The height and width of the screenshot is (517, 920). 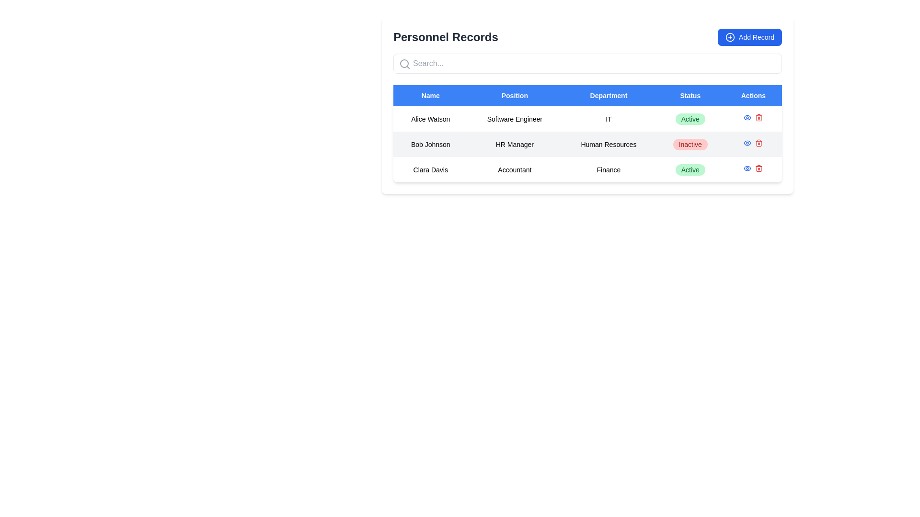 I want to click on the interactive button in the 'Actions' column of the second row, so click(x=747, y=143).